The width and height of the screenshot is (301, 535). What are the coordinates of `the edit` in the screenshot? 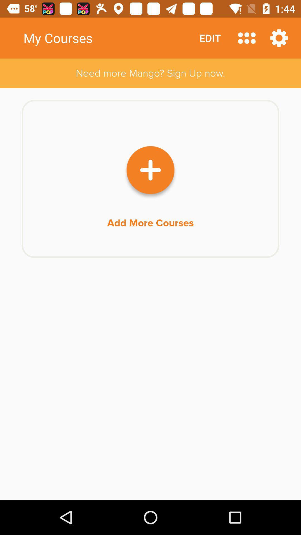 It's located at (210, 38).